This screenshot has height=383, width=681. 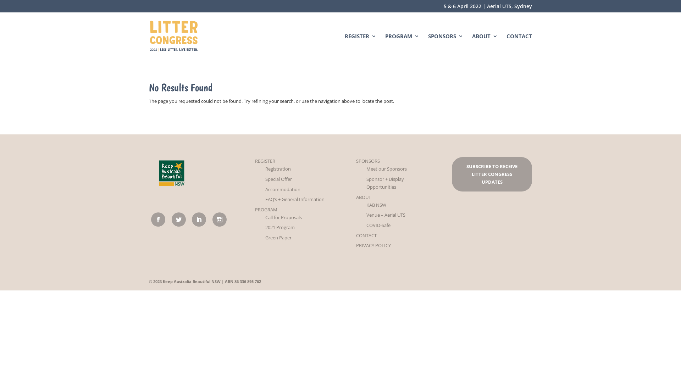 What do you see at coordinates (364, 197) in the screenshot?
I see `'ABOUT'` at bounding box center [364, 197].